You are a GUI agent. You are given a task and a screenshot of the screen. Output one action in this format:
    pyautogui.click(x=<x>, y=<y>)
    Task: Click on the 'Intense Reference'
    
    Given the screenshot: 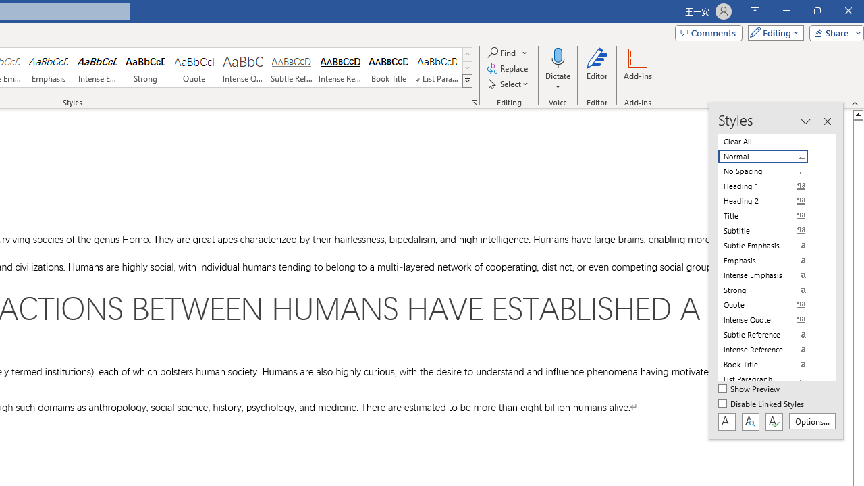 What is the action you would take?
    pyautogui.click(x=340, y=67)
    